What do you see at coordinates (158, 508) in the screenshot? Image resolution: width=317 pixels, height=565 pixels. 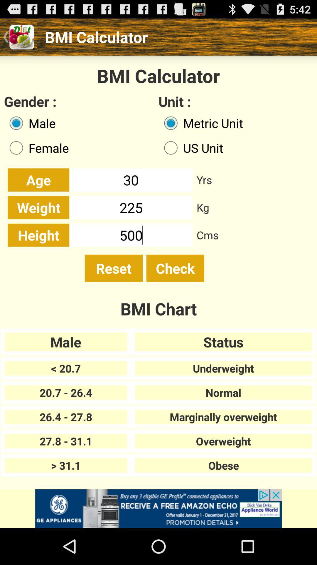 I see `advertisement` at bounding box center [158, 508].